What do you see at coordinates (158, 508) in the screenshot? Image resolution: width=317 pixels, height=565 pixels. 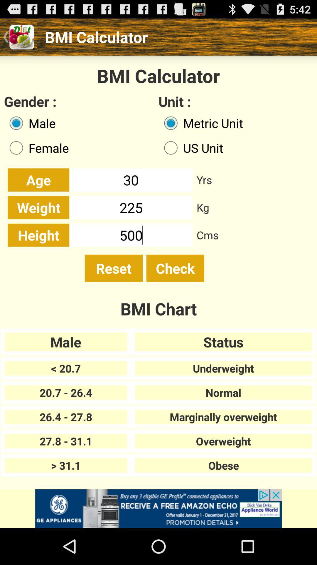 I see `advertisement` at bounding box center [158, 508].